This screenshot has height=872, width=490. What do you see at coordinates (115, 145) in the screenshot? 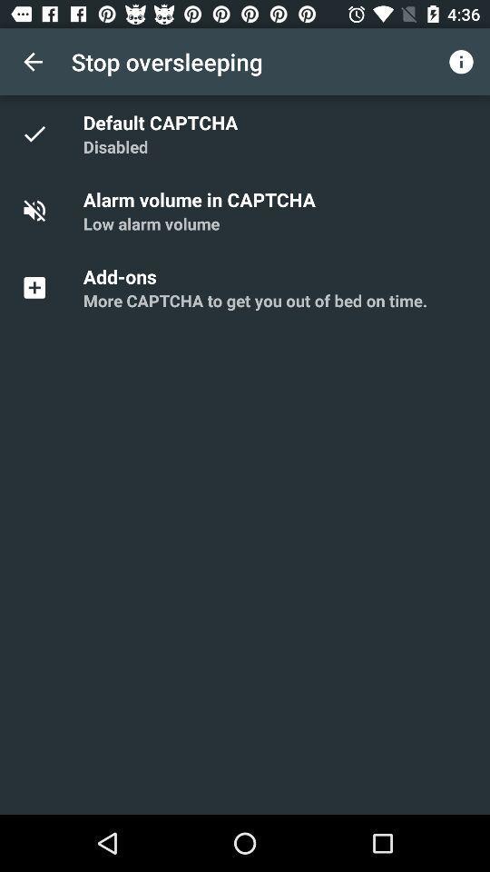
I see `the disabled` at bounding box center [115, 145].